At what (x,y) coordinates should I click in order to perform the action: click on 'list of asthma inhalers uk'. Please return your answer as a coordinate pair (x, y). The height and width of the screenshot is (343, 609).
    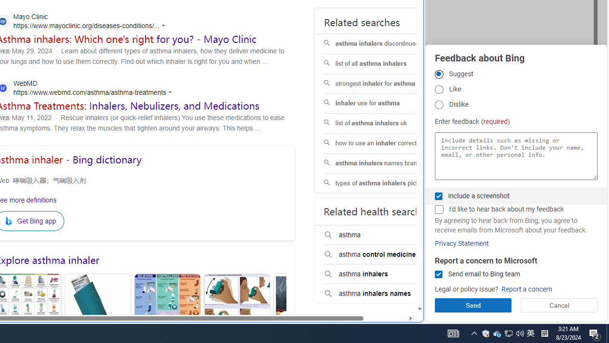
    Looking at the image, I should click on (384, 123).